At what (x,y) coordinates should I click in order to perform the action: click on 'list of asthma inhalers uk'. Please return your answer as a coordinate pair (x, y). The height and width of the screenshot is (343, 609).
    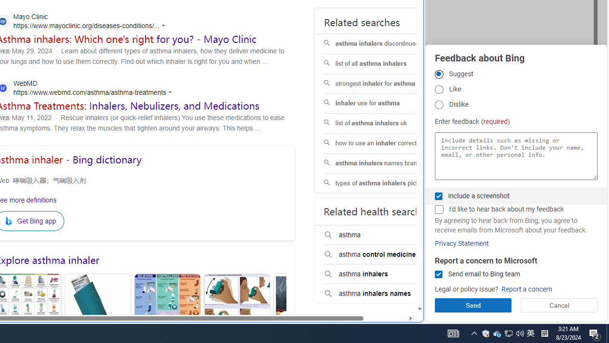
    Looking at the image, I should click on (384, 123).